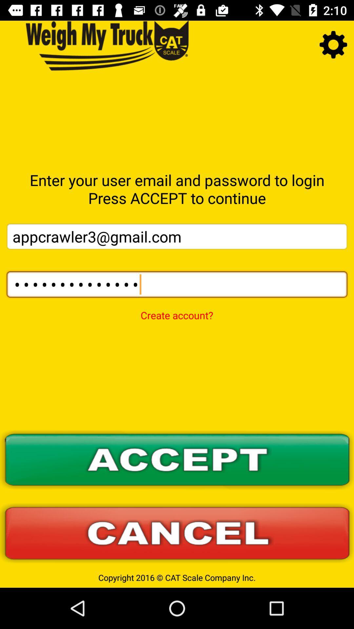 Image resolution: width=354 pixels, height=629 pixels. Describe the element at coordinates (333, 44) in the screenshot. I see `the item above the enter your user icon` at that location.